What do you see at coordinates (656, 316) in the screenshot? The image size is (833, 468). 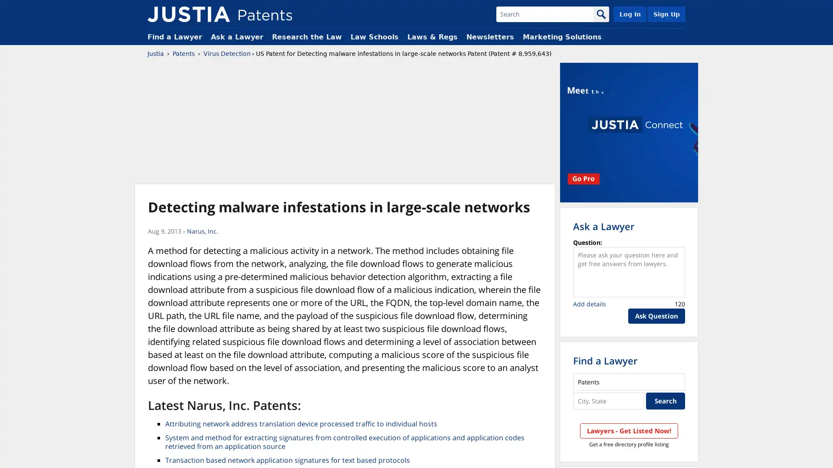 I see `Ask Question` at bounding box center [656, 316].